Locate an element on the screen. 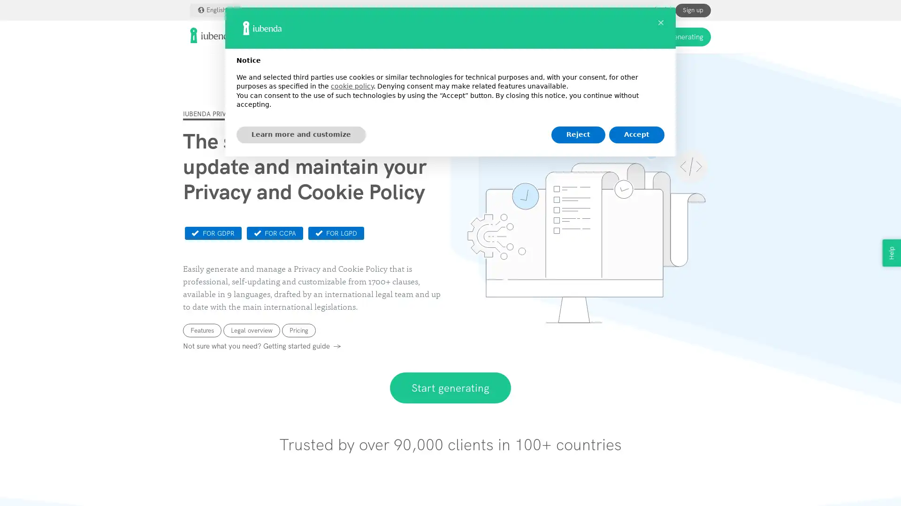 This screenshot has width=901, height=506. Reject is located at coordinates (578, 134).